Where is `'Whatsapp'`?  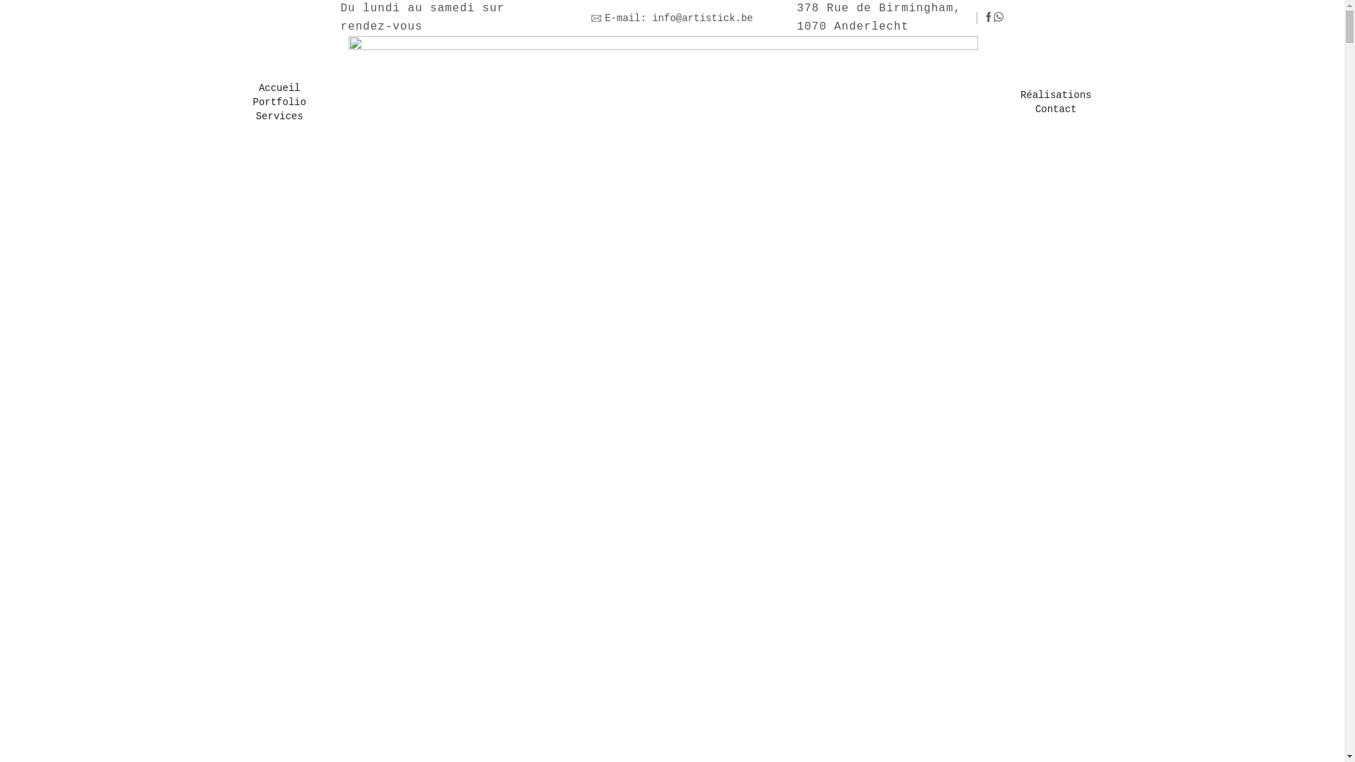 'Whatsapp' is located at coordinates (992, 18).